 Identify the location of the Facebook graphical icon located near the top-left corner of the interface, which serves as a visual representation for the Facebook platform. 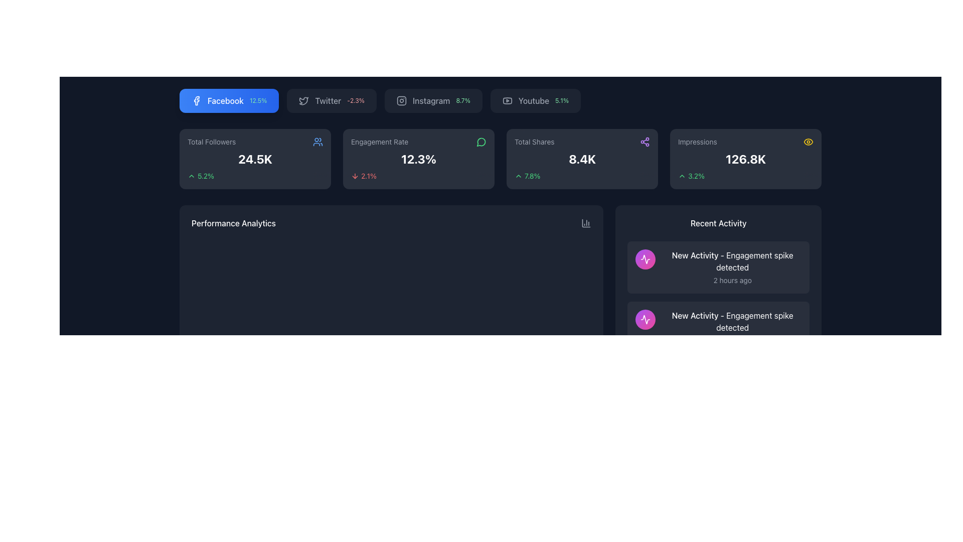
(197, 100).